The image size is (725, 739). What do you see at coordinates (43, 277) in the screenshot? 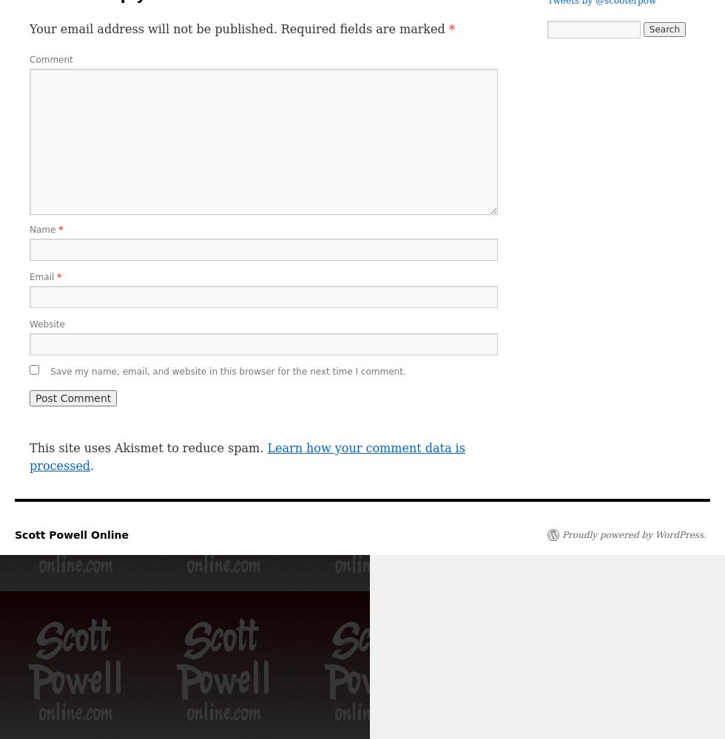
I see `'Email'` at bounding box center [43, 277].